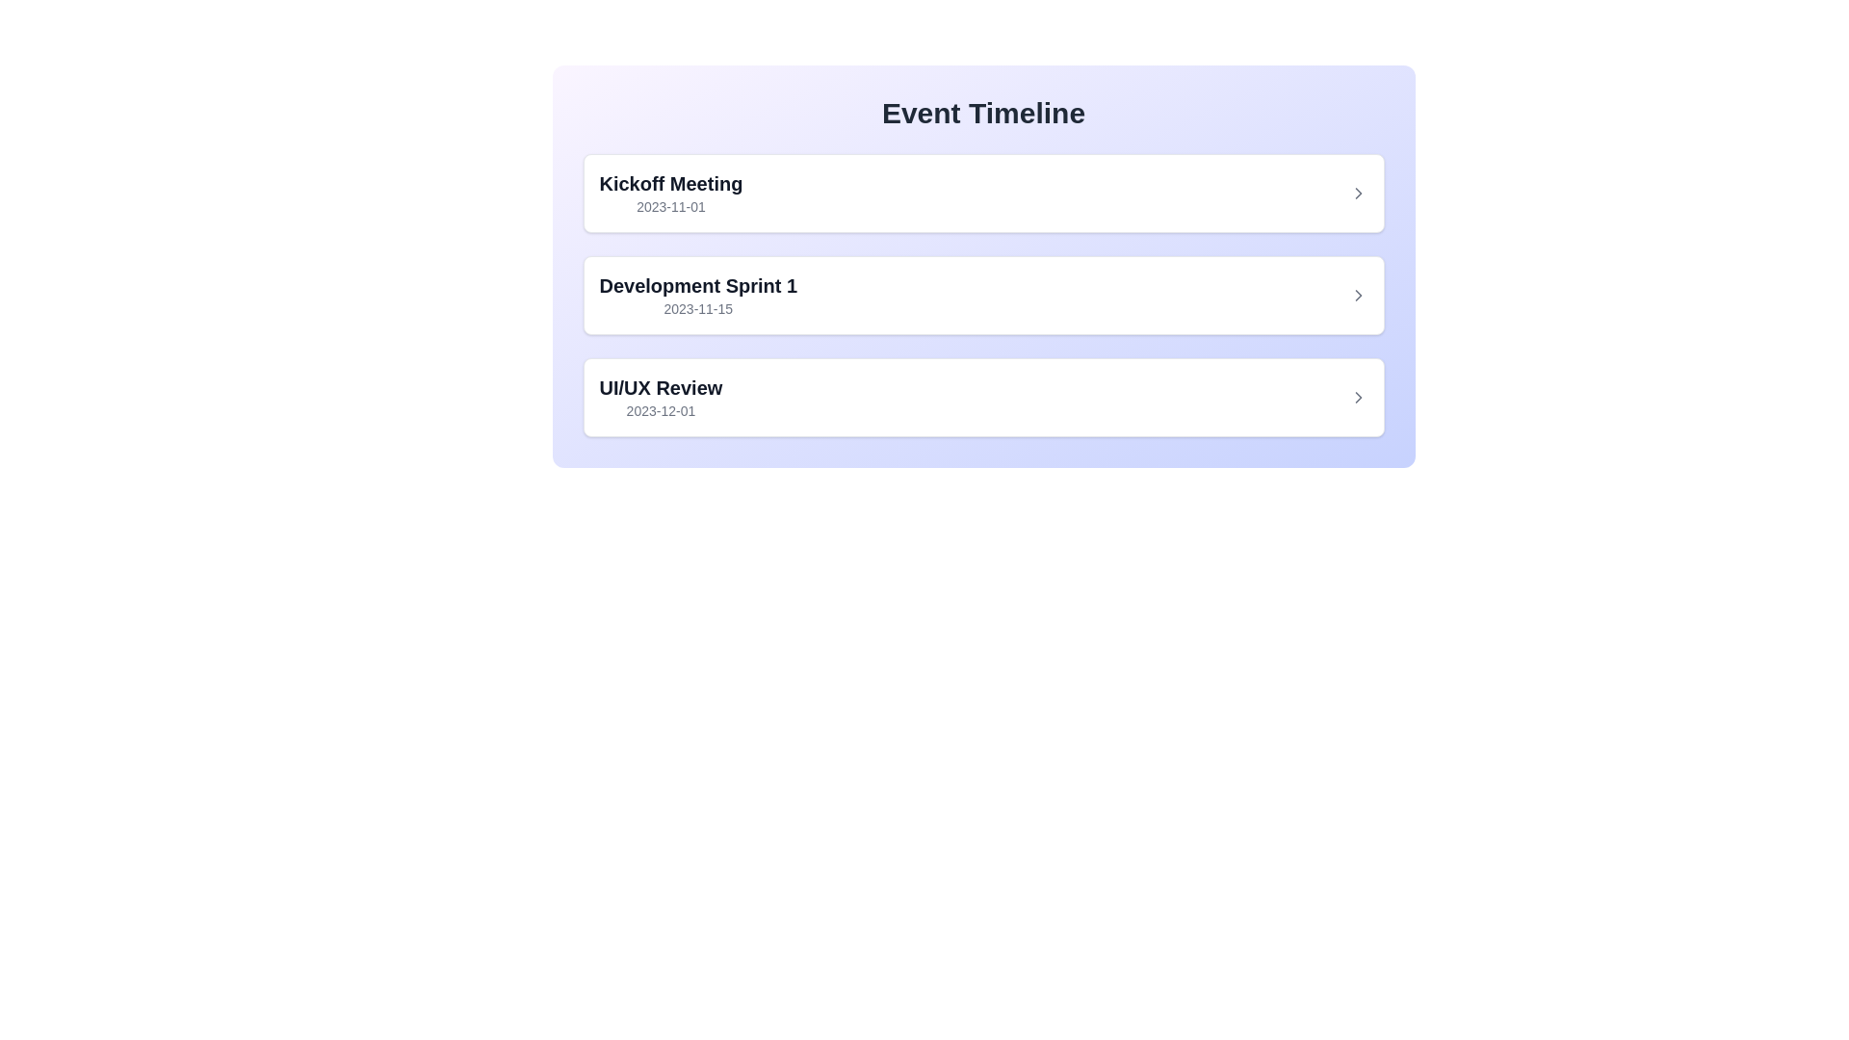 The image size is (1849, 1040). Describe the element at coordinates (1357, 296) in the screenshot. I see `the right-facing chevron icon located in the second card from the top, adjacent to the text 'Development Sprint 1'` at that location.